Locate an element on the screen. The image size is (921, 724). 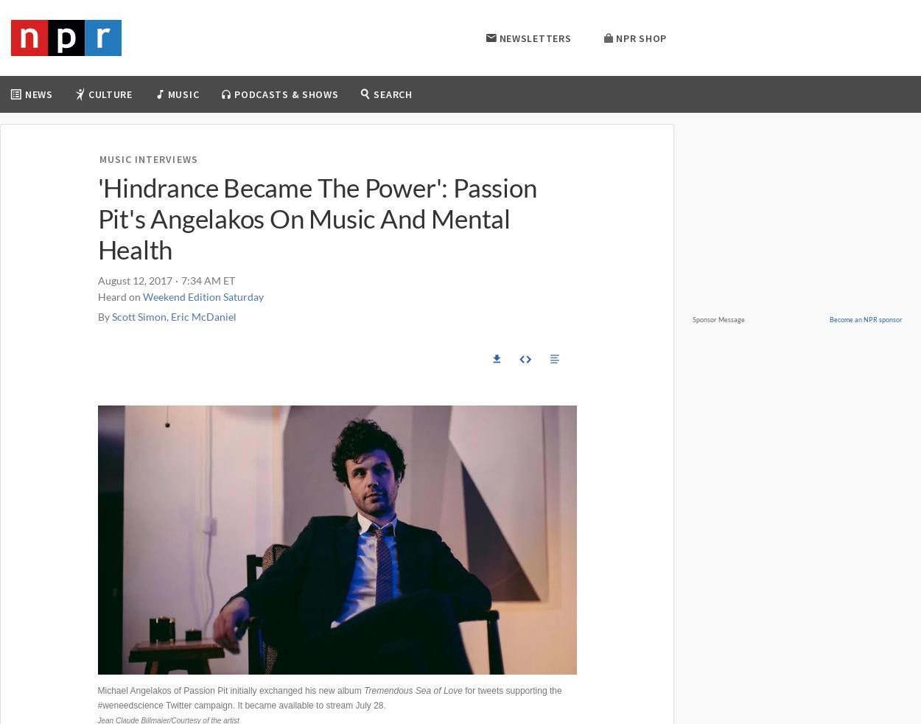
'Podcasts & Shows' is located at coordinates (286, 93).